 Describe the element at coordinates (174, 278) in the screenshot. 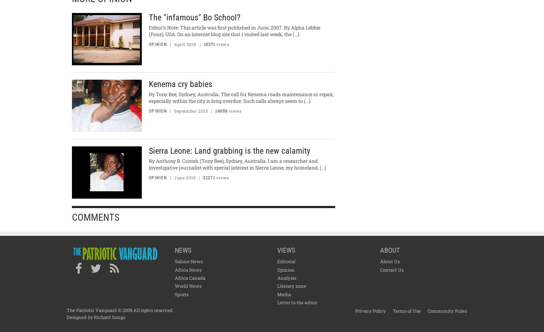

I see `'Africa Canada'` at that location.